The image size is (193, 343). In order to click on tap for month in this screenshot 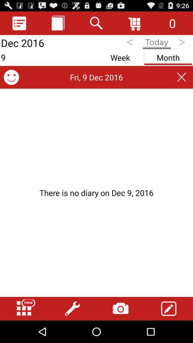, I will do `click(168, 56)`.